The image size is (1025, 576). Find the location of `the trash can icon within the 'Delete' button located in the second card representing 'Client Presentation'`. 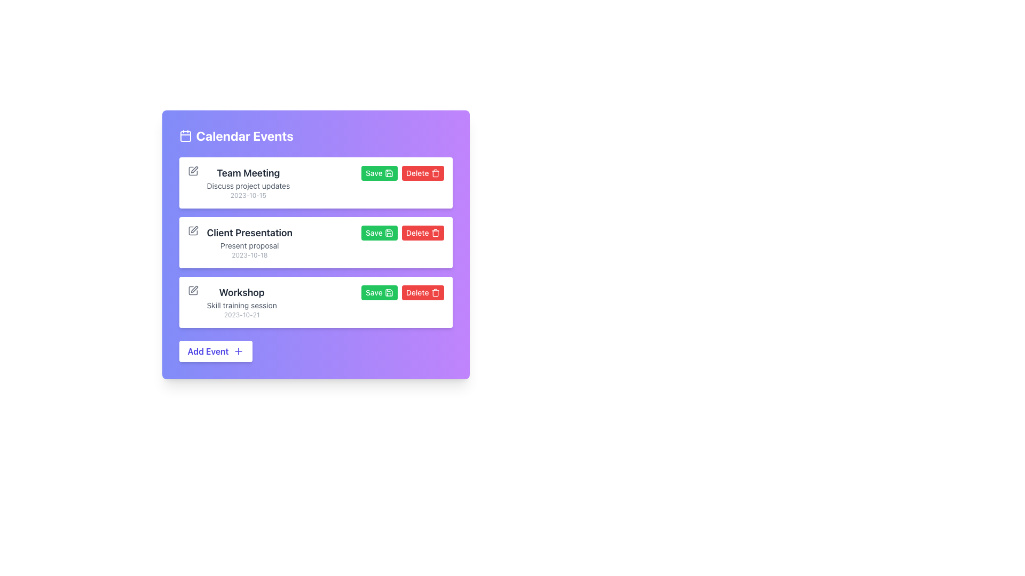

the trash can icon within the 'Delete' button located in the second card representing 'Client Presentation' is located at coordinates (435, 173).